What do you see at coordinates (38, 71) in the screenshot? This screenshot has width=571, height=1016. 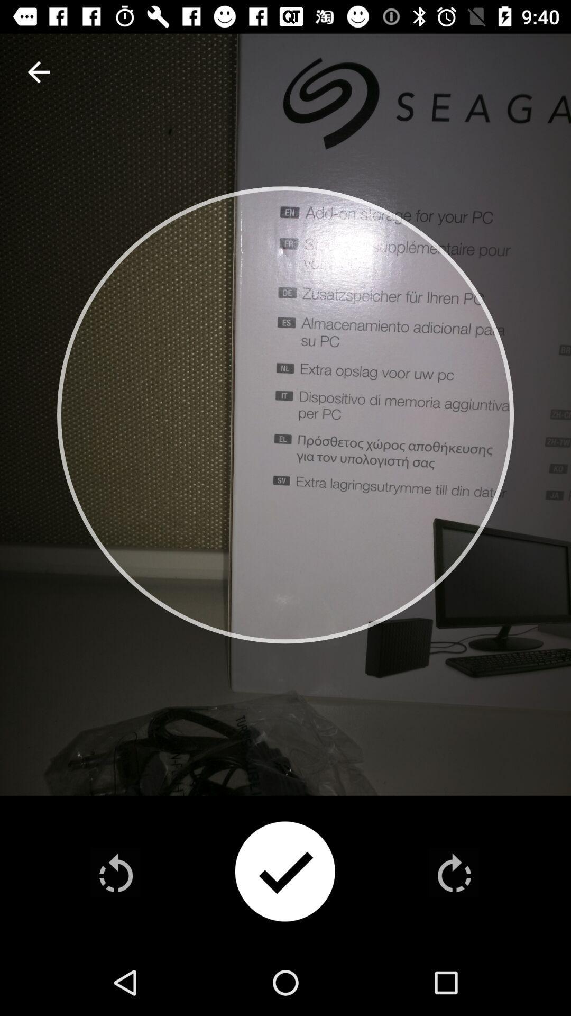 I see `icon at the top left corner` at bounding box center [38, 71].